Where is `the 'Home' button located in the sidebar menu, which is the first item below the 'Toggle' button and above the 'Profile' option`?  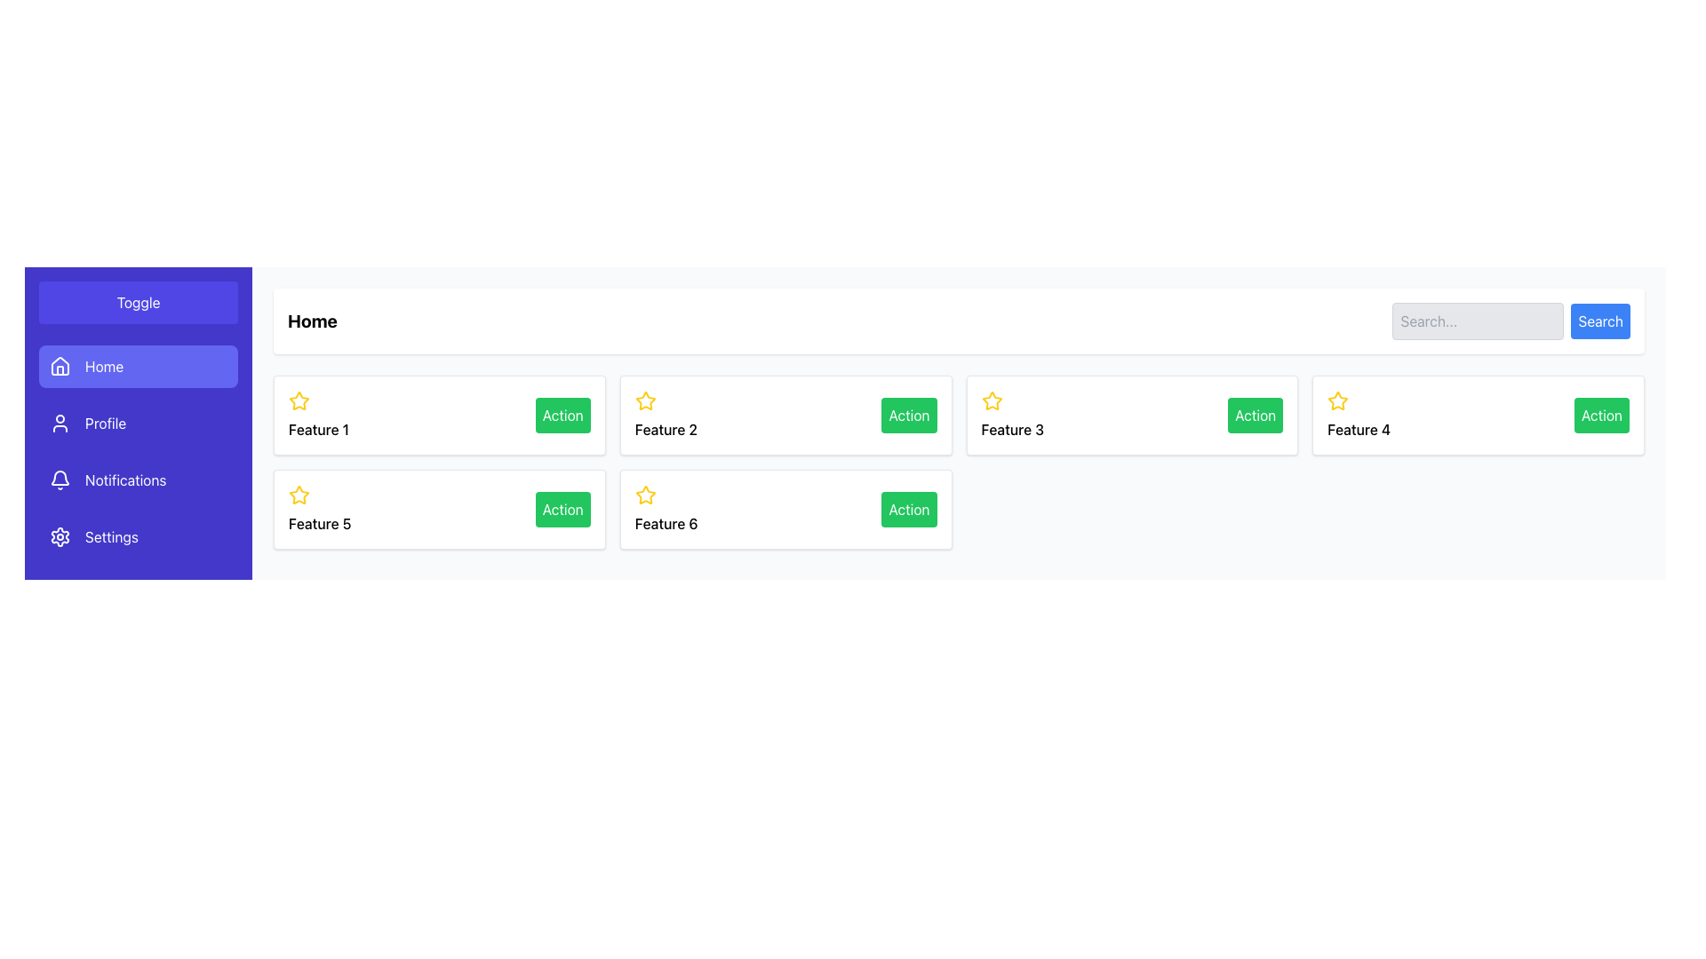
the 'Home' button located in the sidebar menu, which is the first item below the 'Toggle' button and above the 'Profile' option is located at coordinates (138, 365).